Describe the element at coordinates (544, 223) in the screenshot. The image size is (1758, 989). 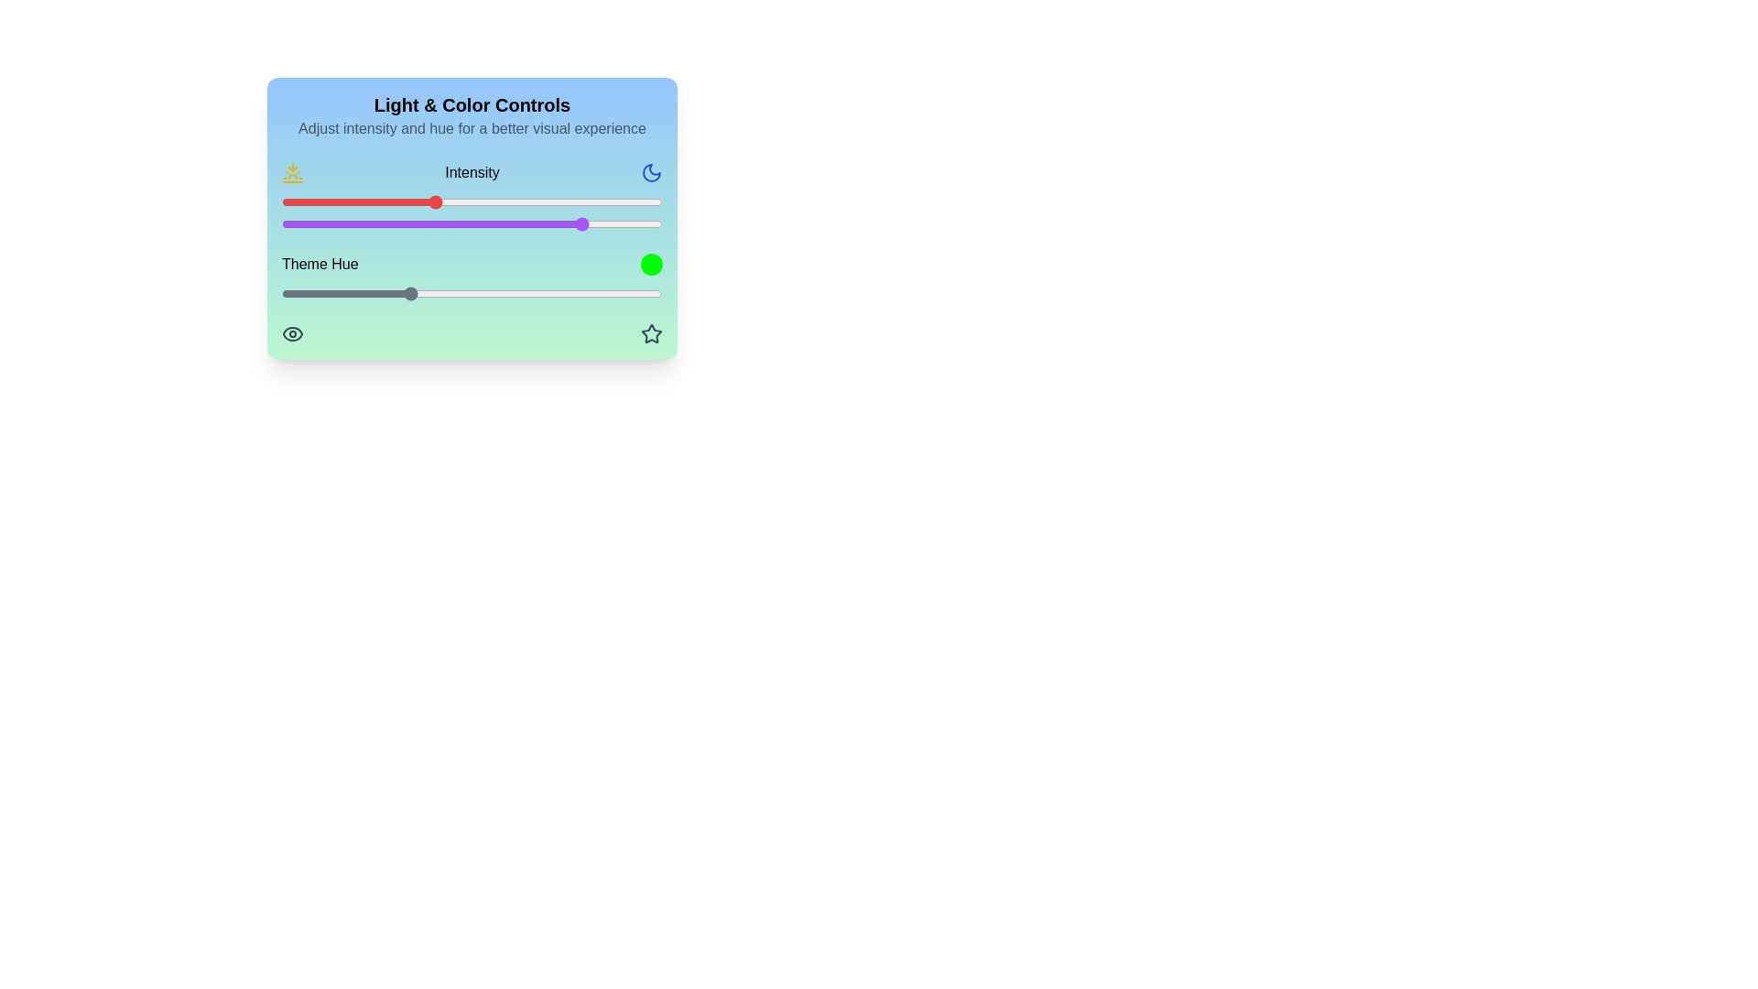
I see `the slider value` at that location.